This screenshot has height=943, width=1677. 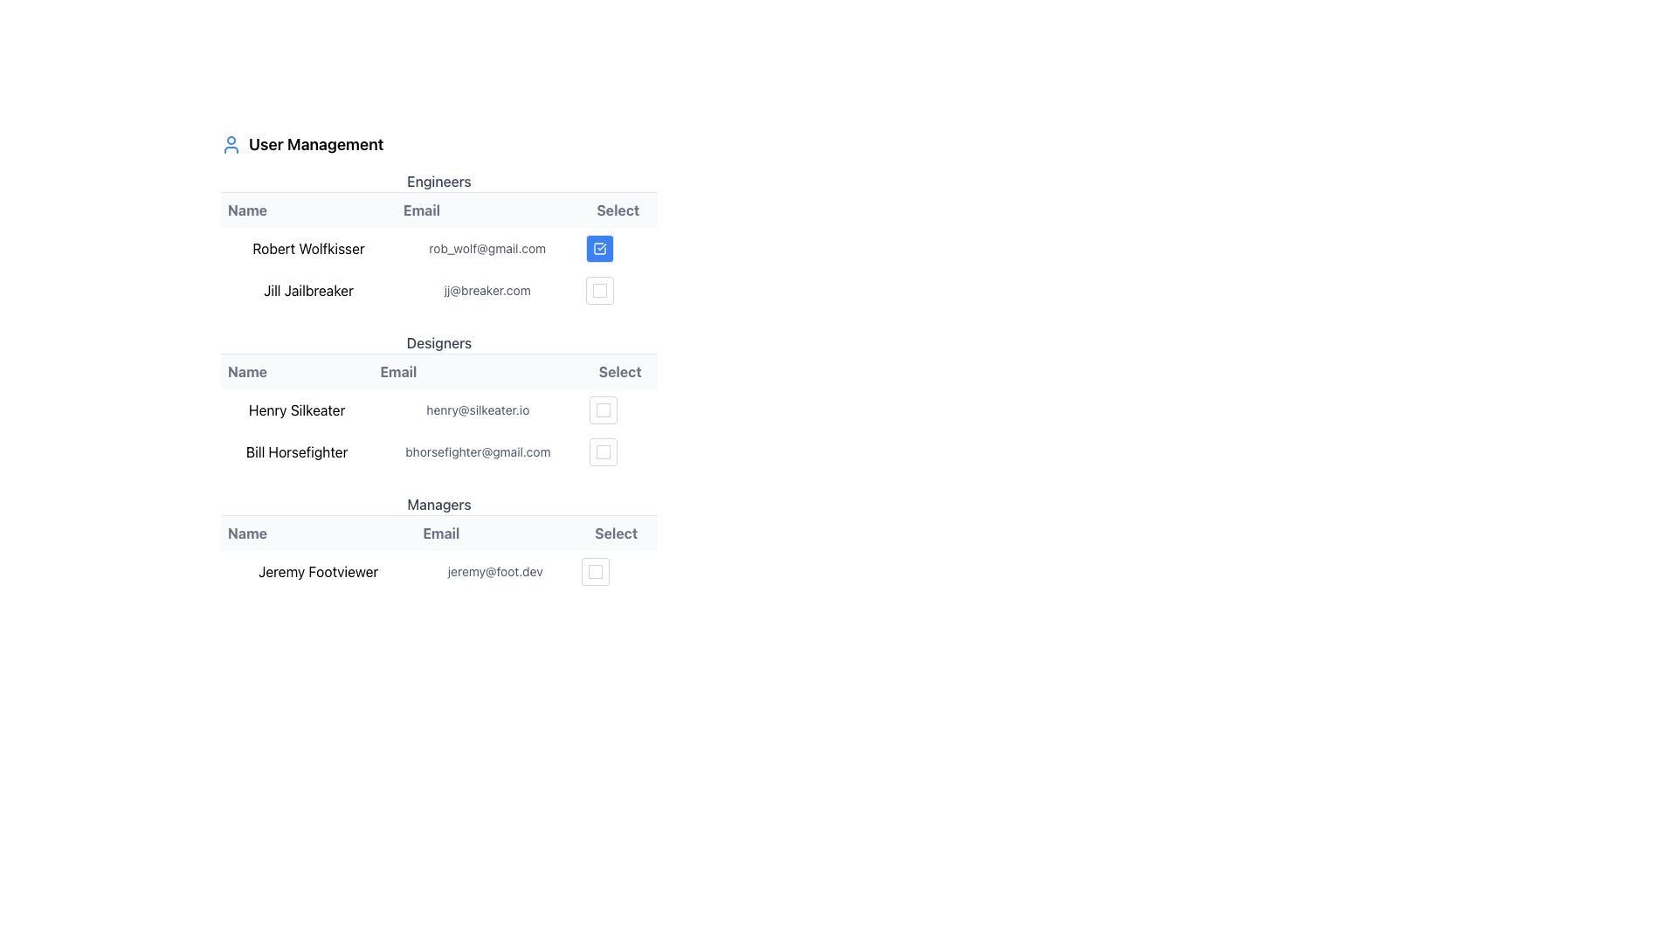 I want to click on the text display row containing the name and email address of 'Bill Horsefighter' in the 'Designers' section of the user list interface, so click(x=439, y=451).